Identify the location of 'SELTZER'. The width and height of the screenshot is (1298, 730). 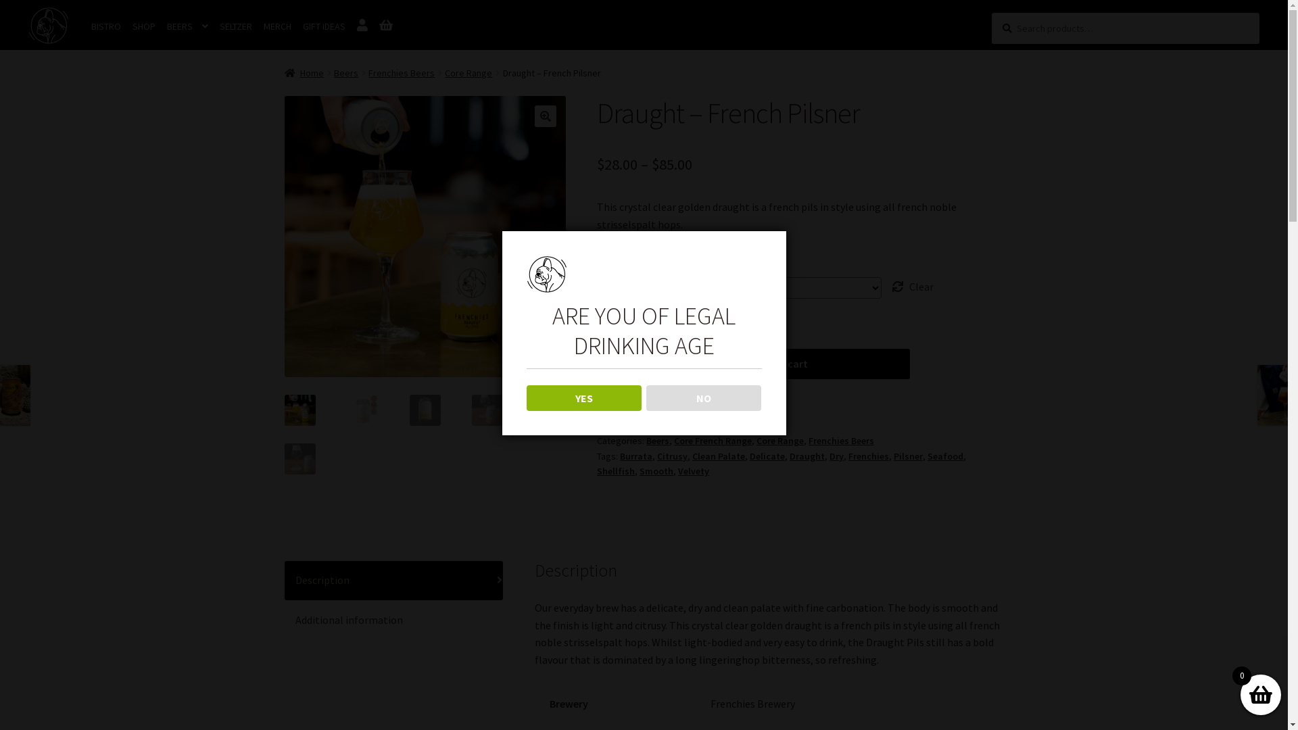
(214, 26).